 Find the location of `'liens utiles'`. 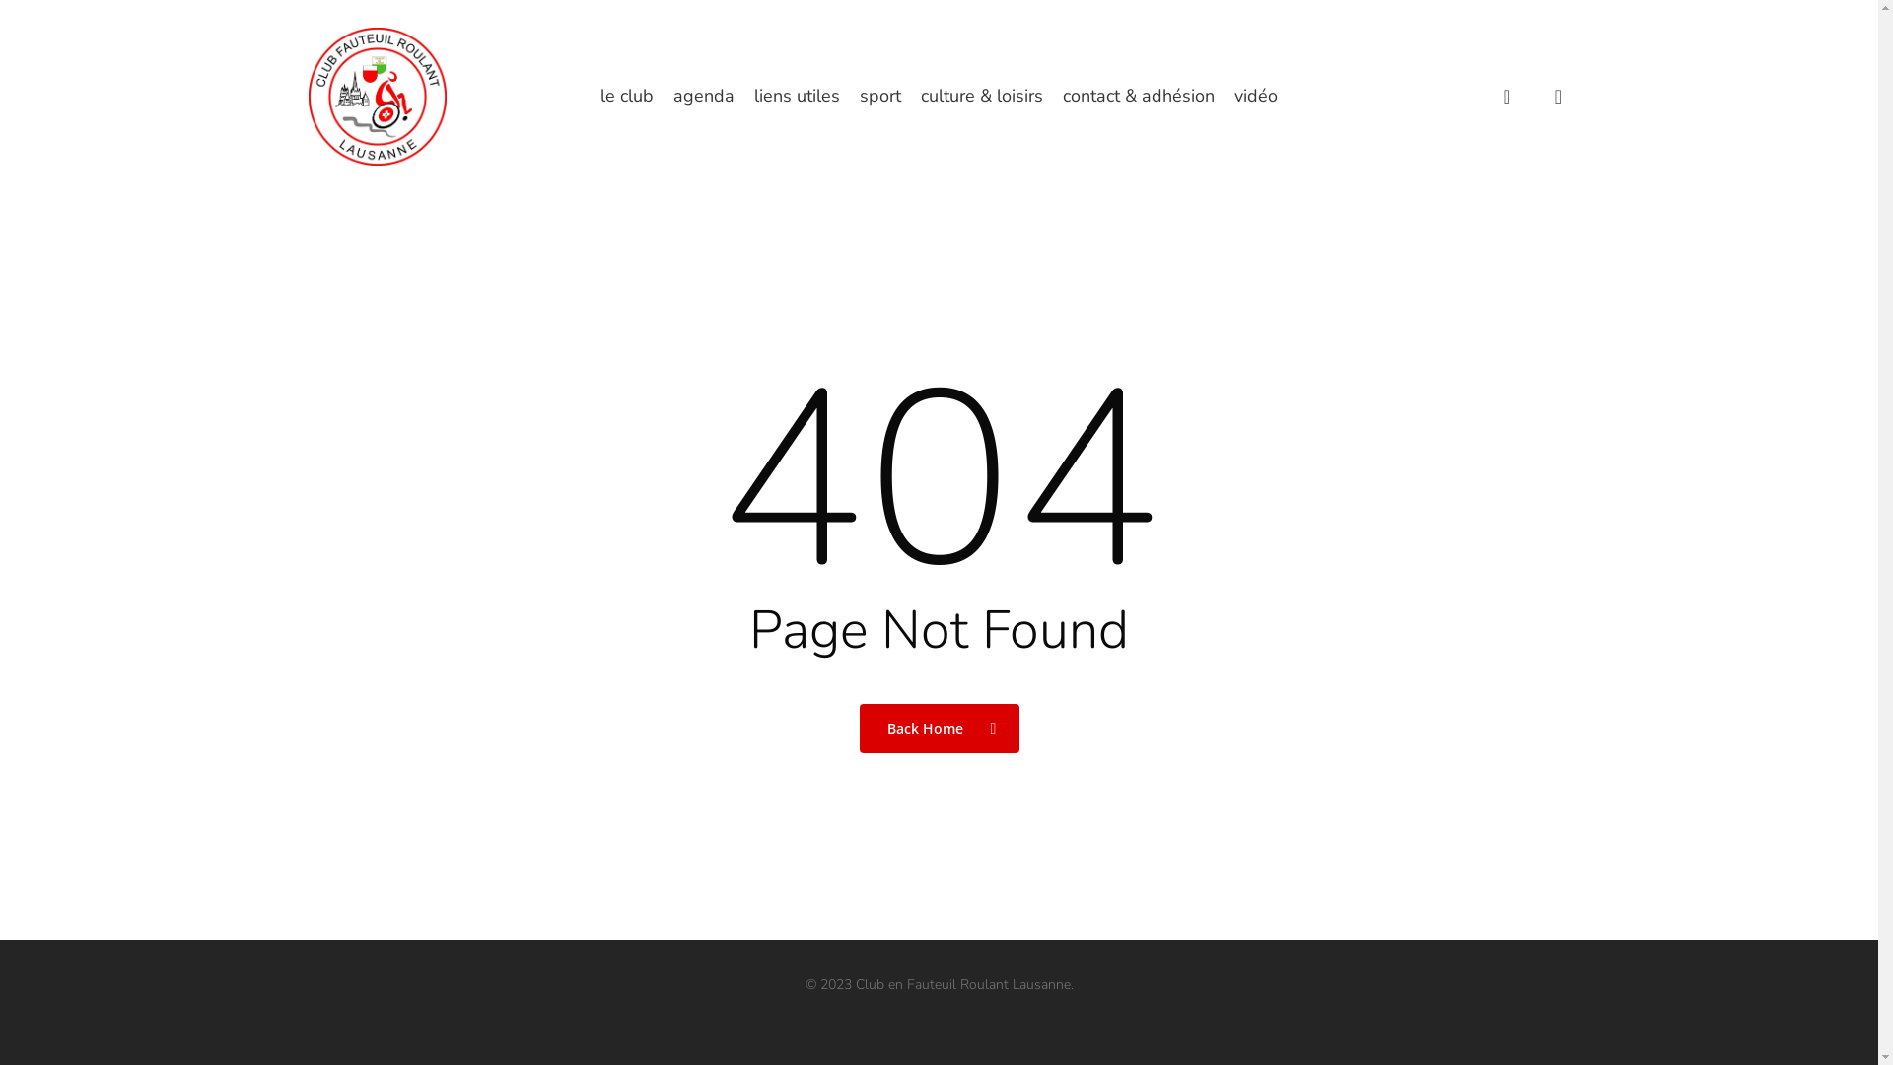

'liens utiles' is located at coordinates (797, 96).